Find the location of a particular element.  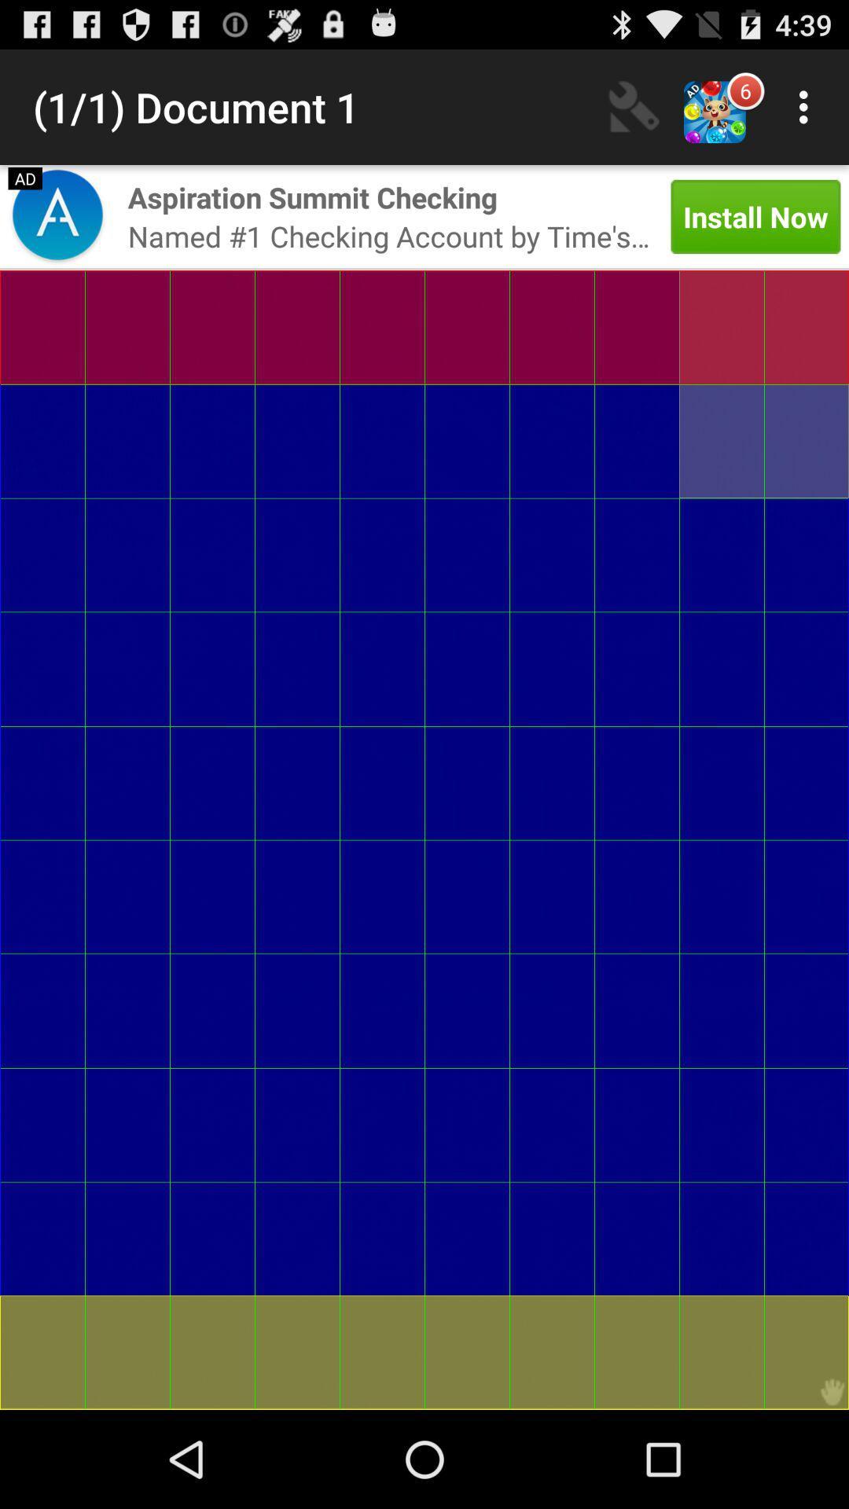

icon next to the install now item is located at coordinates (312, 196).